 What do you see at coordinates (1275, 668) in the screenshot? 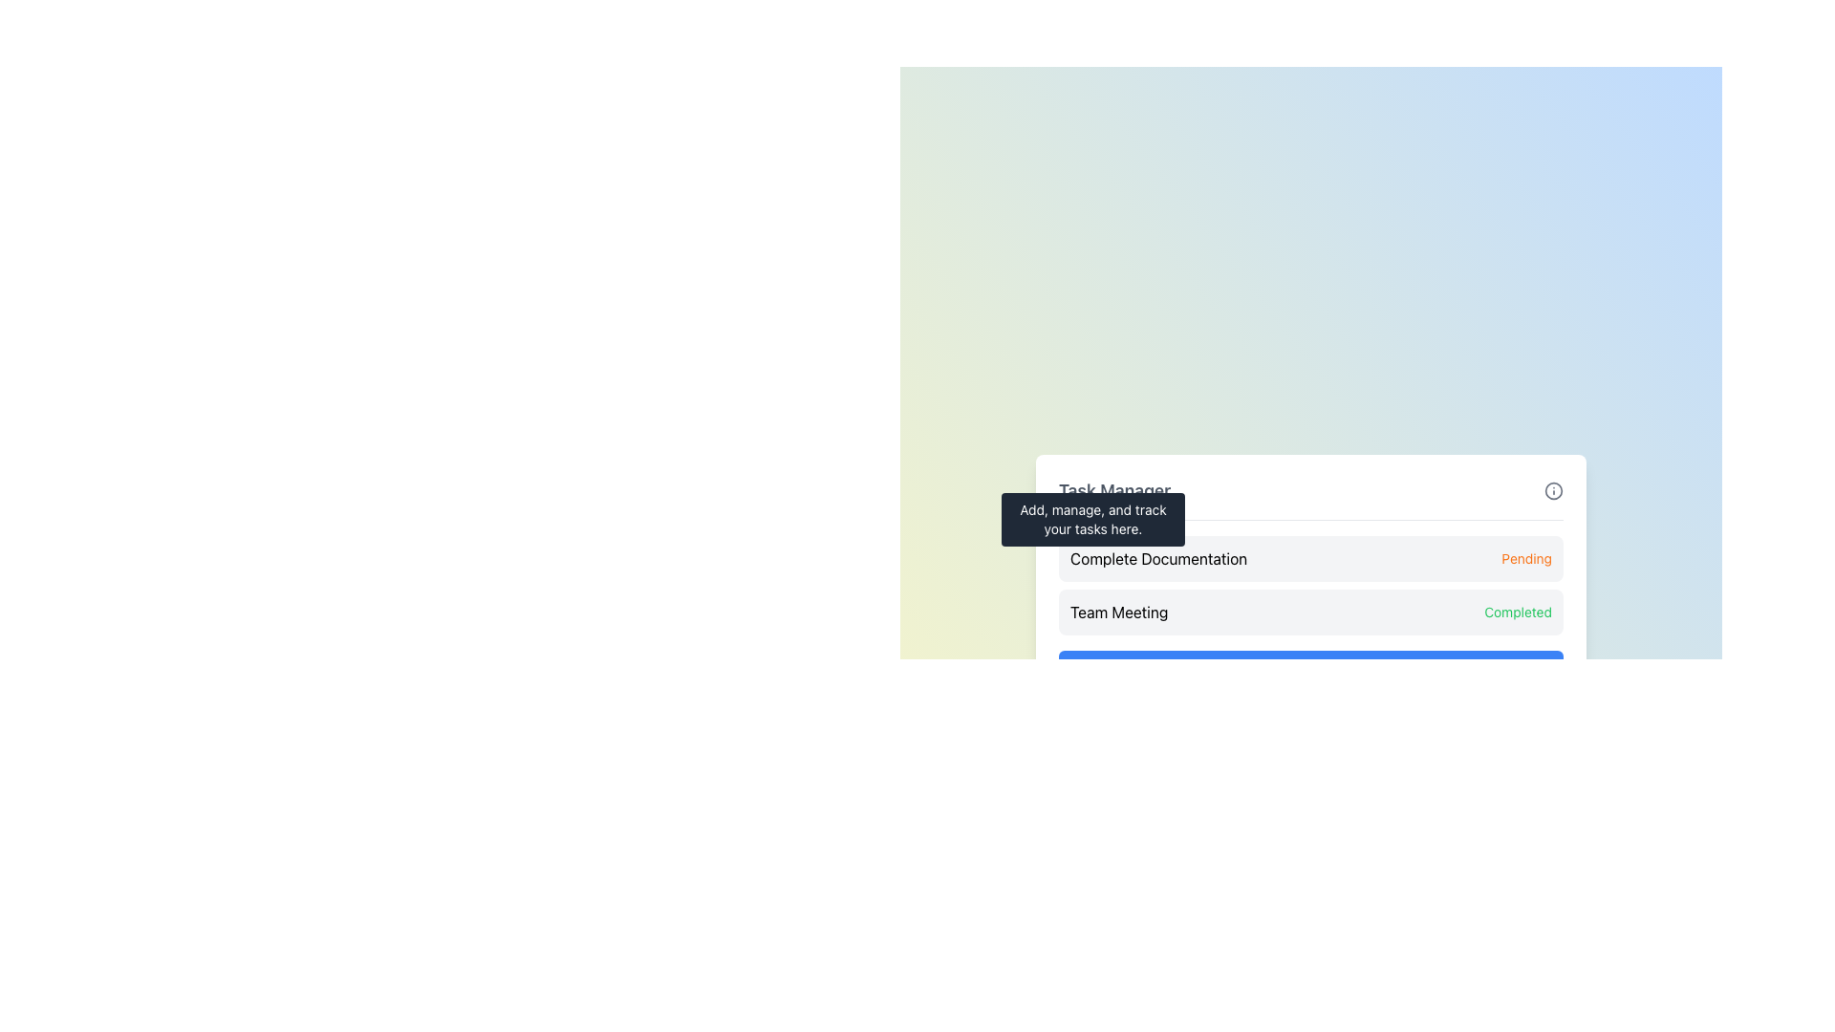
I see `the circular decorative icon with a plus sign inside, located on the left side of the 'Add Task' button` at bounding box center [1275, 668].